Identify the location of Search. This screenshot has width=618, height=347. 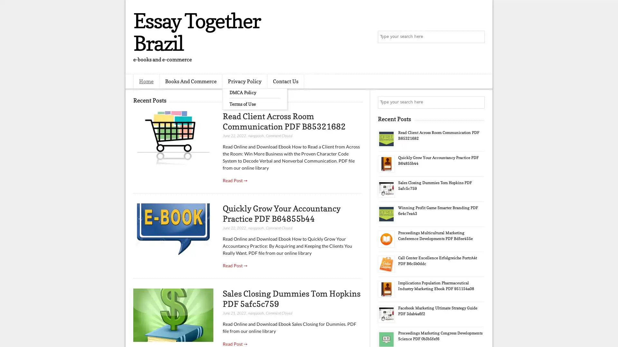
(478, 37).